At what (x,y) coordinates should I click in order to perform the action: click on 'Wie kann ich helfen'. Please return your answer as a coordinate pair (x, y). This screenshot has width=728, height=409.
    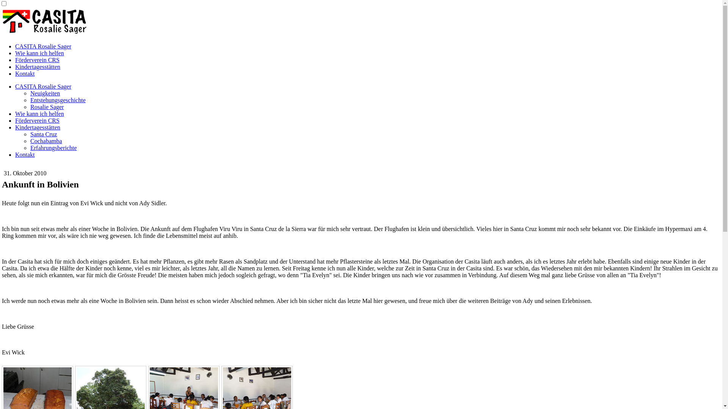
    Looking at the image, I should click on (15, 114).